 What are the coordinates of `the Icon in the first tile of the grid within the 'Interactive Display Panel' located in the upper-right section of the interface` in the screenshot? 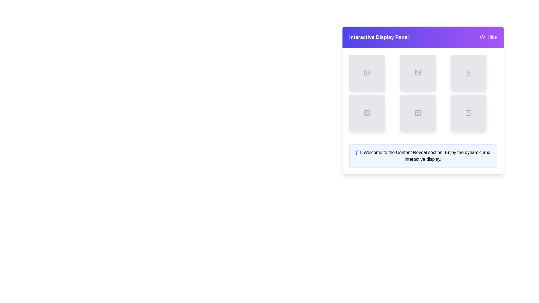 It's located at (367, 72).